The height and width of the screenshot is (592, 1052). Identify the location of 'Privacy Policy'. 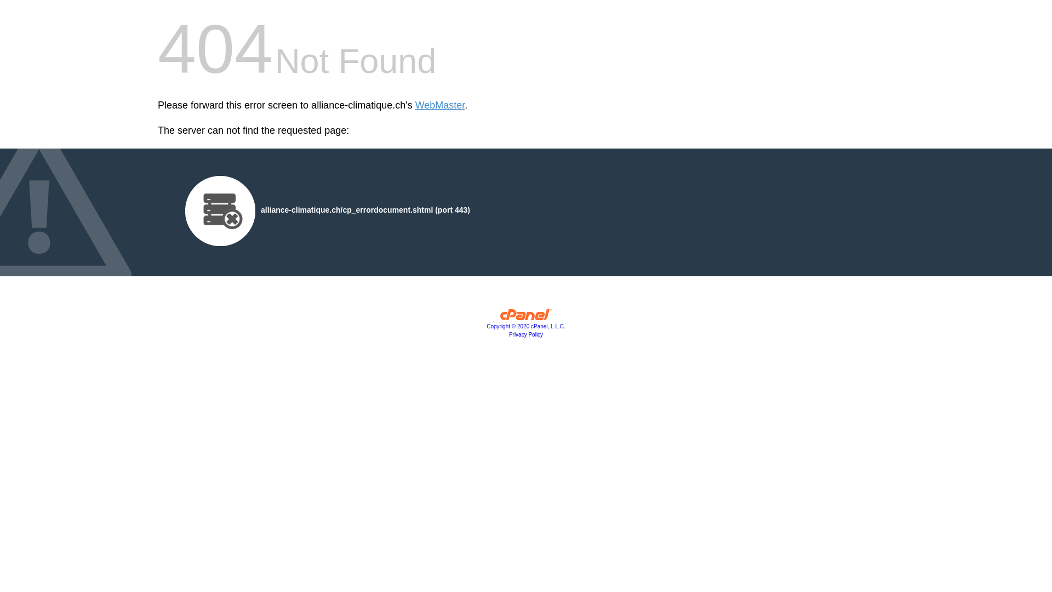
(526, 334).